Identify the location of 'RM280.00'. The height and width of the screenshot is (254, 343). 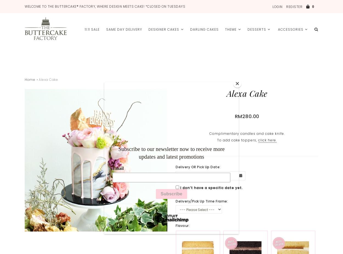
(247, 116).